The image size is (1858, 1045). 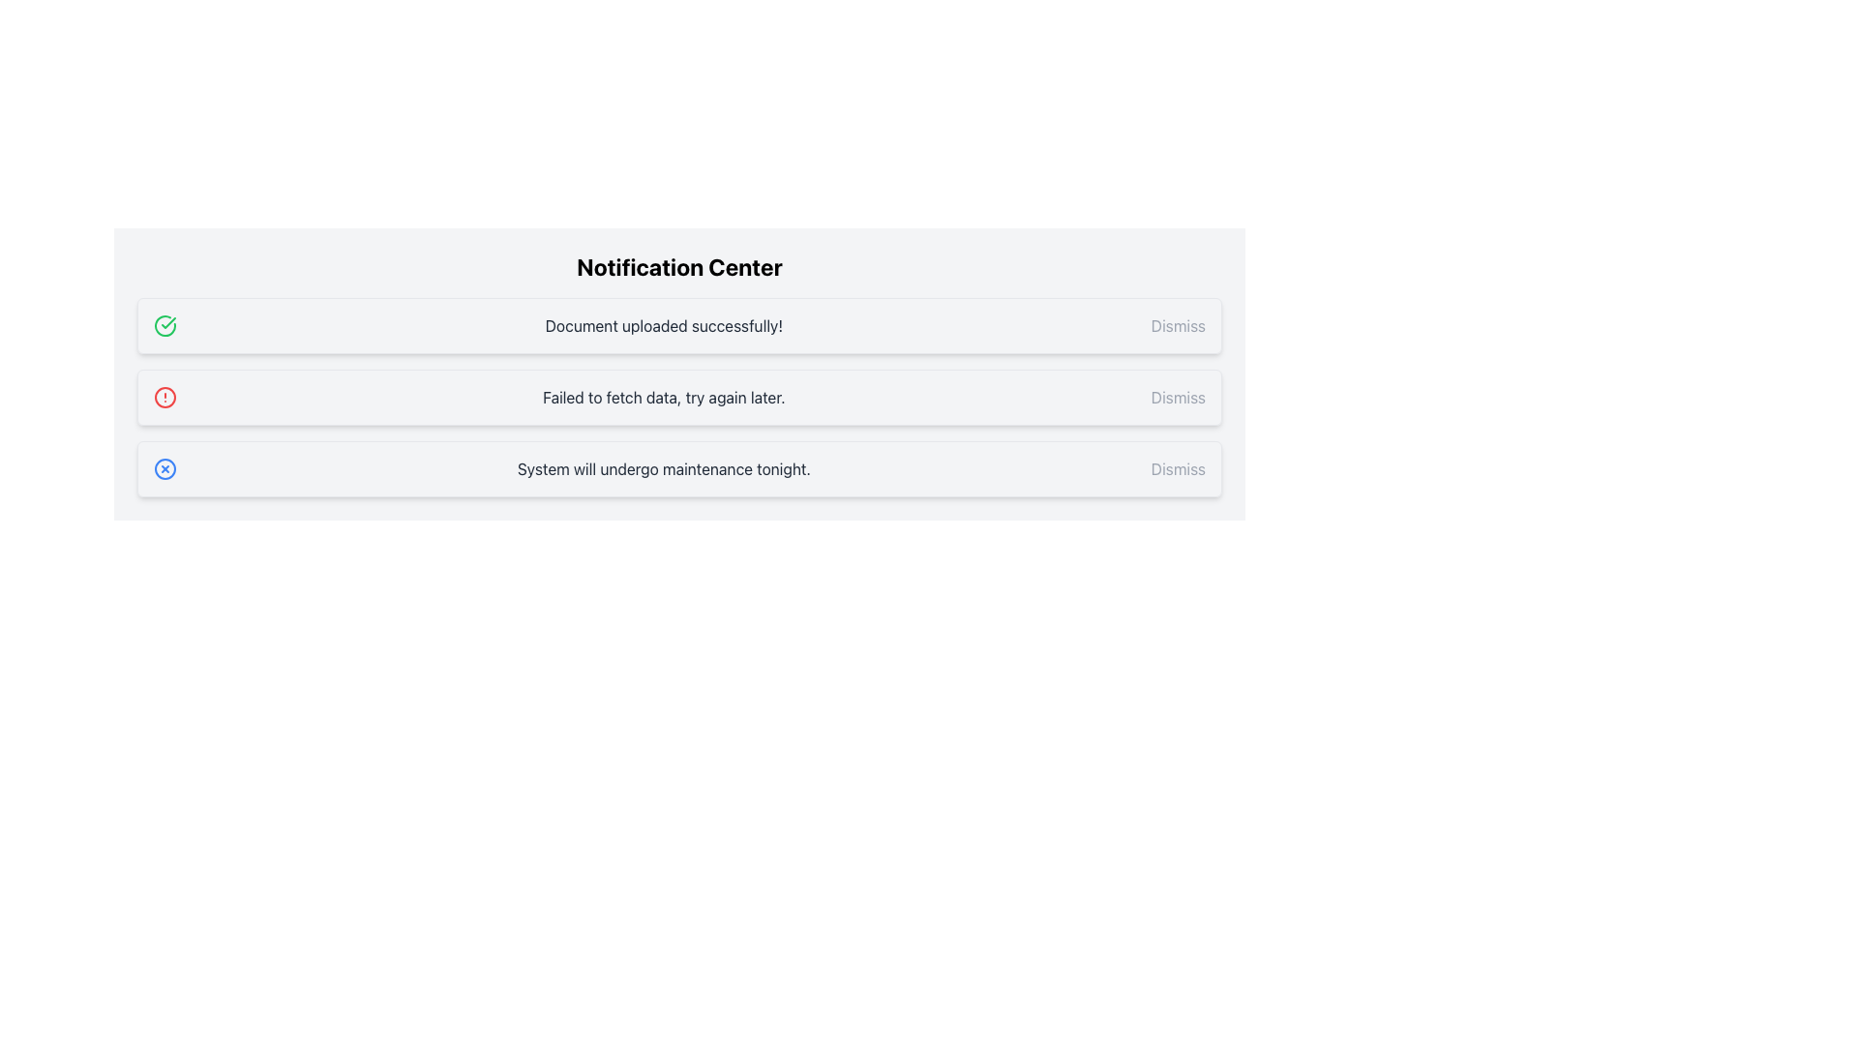 I want to click on the 'Dismiss' button, which is a gray text label that turns red on hover, located on the right side of the notification box displaying 'Failed to fetch data, try again later.', so click(x=1177, y=397).